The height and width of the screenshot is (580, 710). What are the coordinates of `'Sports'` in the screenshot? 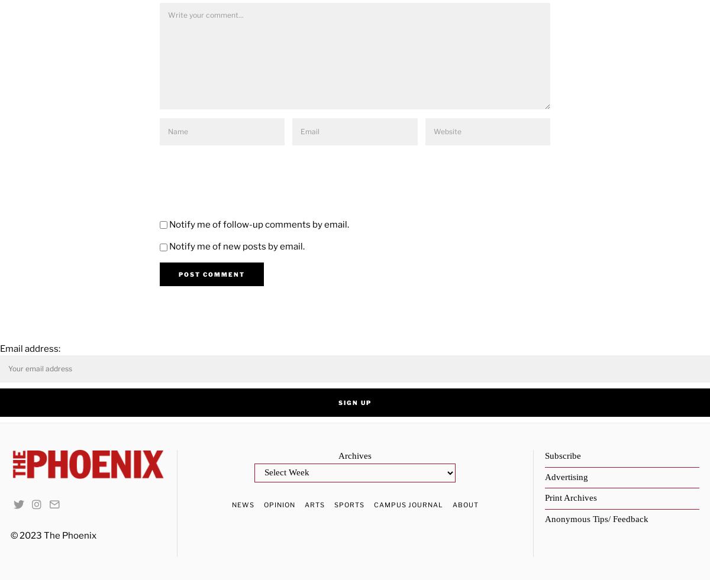 It's located at (348, 504).